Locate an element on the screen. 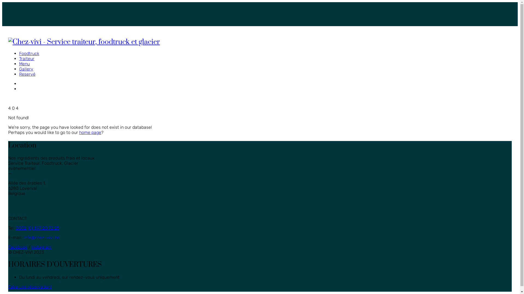 The height and width of the screenshot is (294, 524). 'Traiteur' is located at coordinates (26, 59).